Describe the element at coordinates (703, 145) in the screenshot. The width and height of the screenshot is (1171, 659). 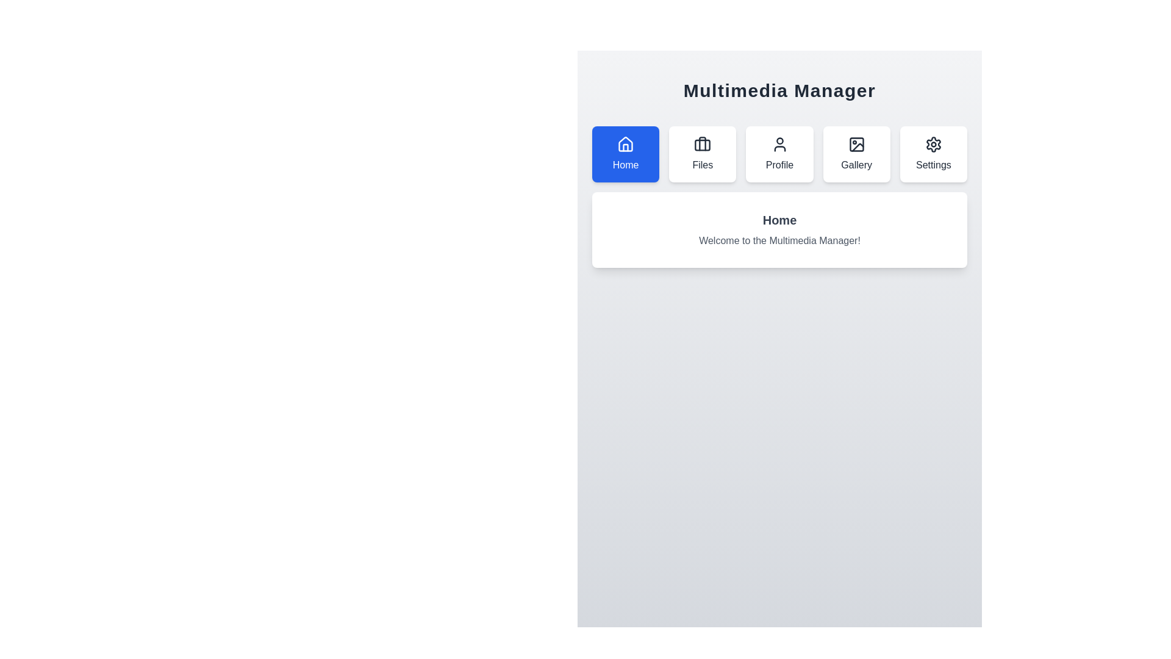
I see `the bottom rectangular component of the 'briefcase' icon representing 'Files' in the menu icons below the 'Multimedia Manager' title` at that location.